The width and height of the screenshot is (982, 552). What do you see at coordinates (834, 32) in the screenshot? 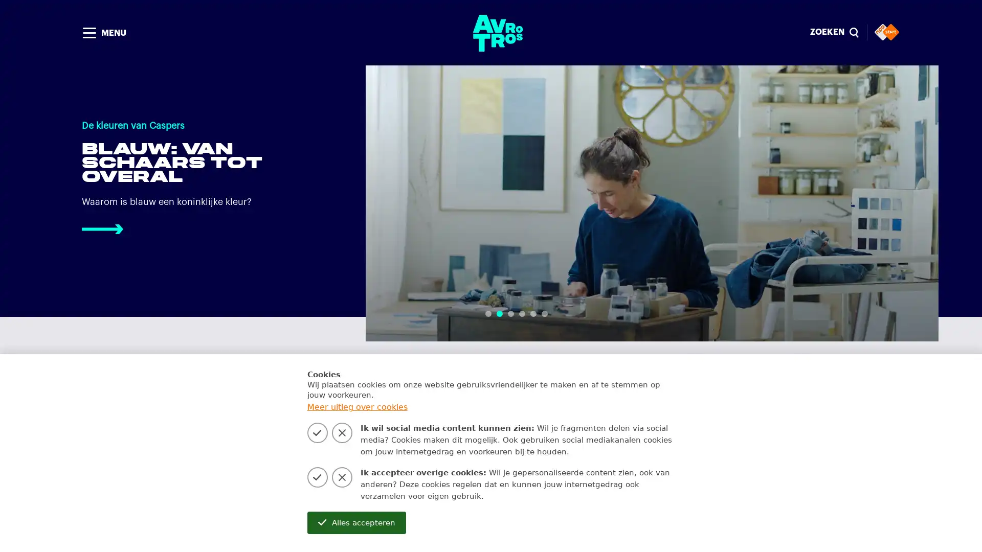
I see `ZOEKEN magnify` at bounding box center [834, 32].